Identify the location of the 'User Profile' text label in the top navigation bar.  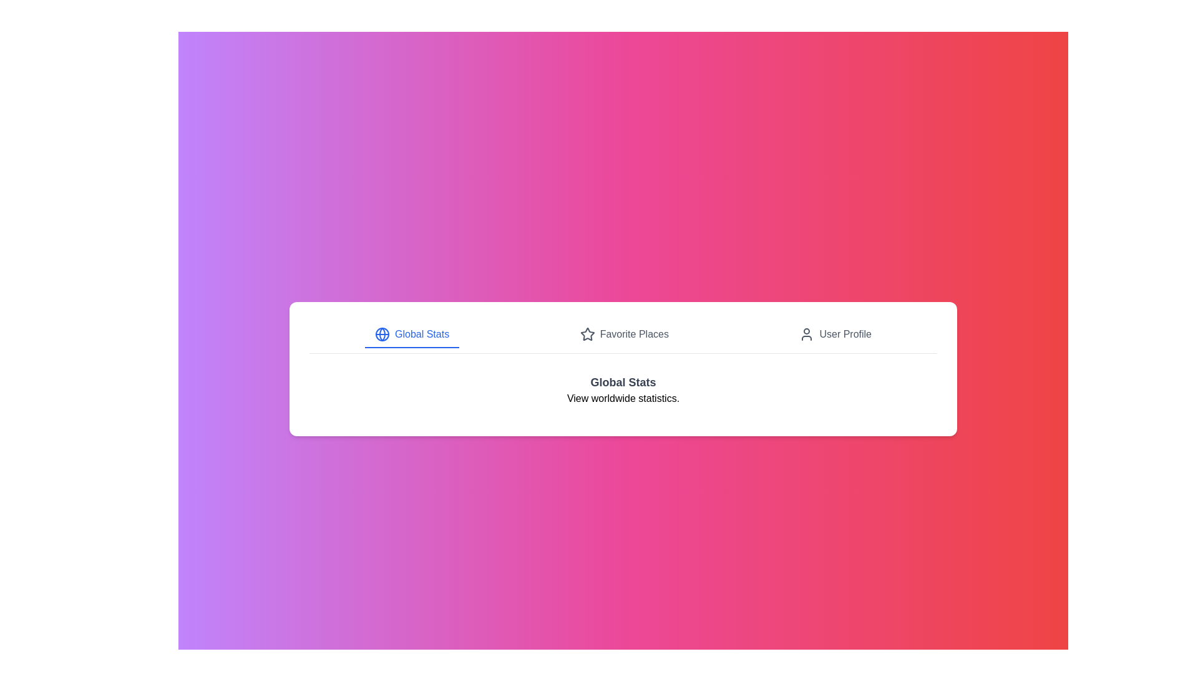
(845, 333).